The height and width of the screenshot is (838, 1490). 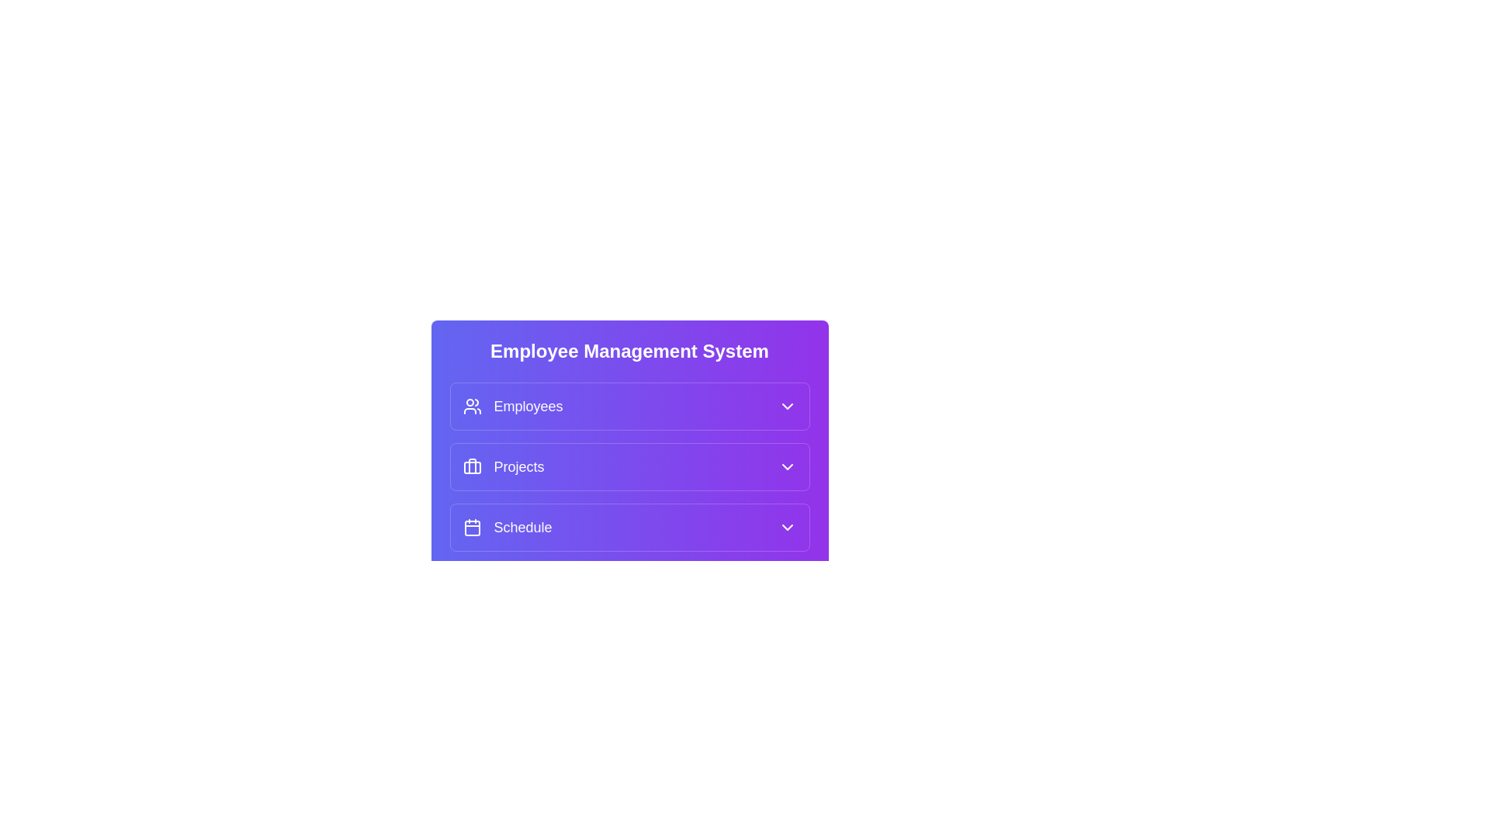 What do you see at coordinates (787, 526) in the screenshot?
I see `the chevron icon located at the rightmost end of the 'Schedule' button` at bounding box center [787, 526].